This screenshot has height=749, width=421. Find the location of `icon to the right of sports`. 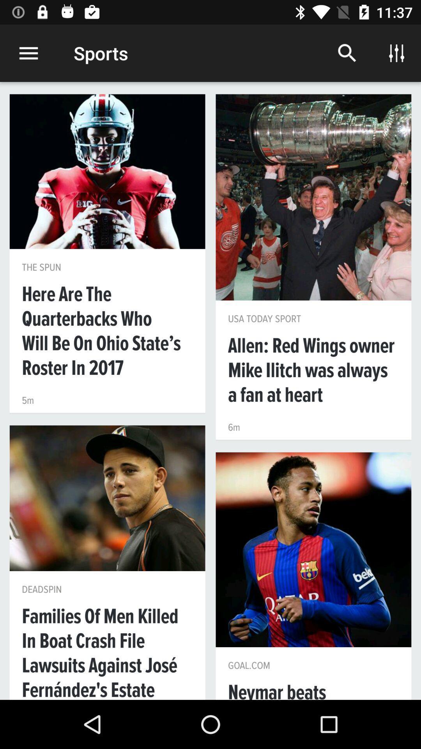

icon to the right of sports is located at coordinates (347, 53).